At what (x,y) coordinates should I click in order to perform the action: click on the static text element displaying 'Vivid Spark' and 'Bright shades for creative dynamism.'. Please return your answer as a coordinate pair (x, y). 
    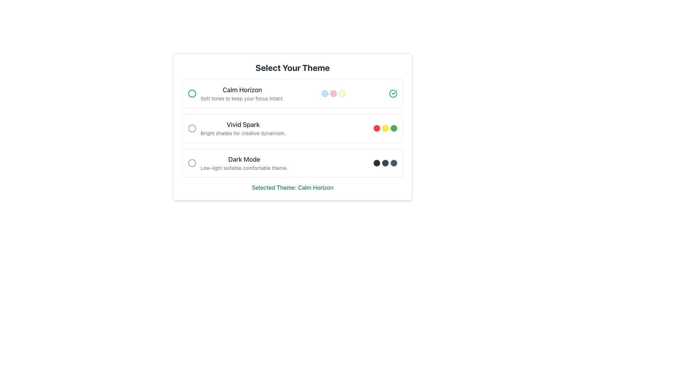
    Looking at the image, I should click on (237, 128).